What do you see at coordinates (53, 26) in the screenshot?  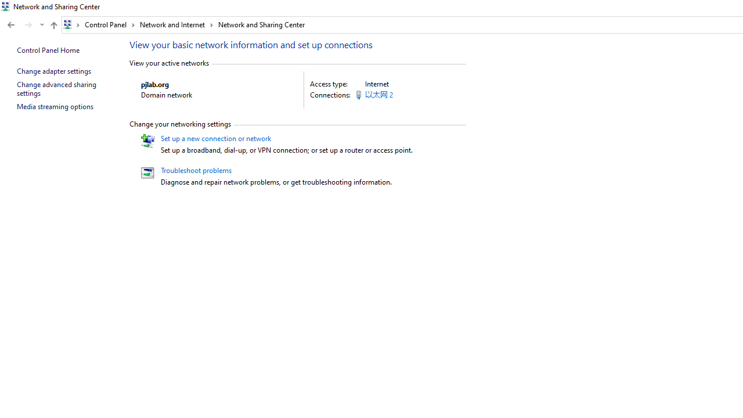 I see `'Up band toolbar'` at bounding box center [53, 26].